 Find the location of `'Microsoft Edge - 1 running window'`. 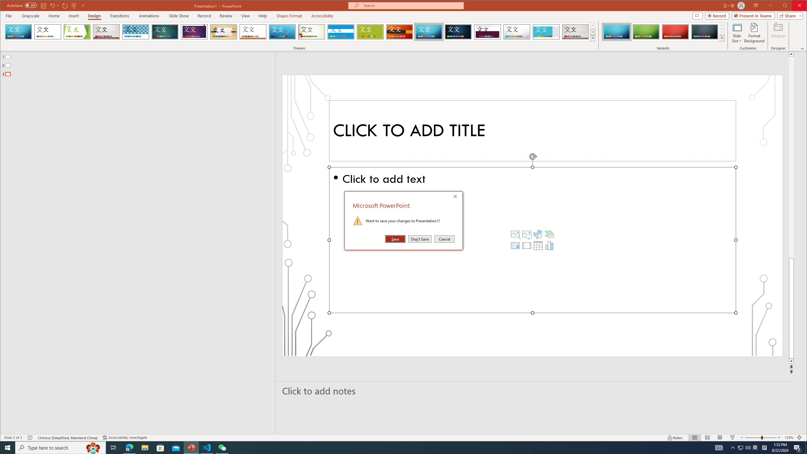

'Microsoft Edge - 1 running window' is located at coordinates (129, 447).